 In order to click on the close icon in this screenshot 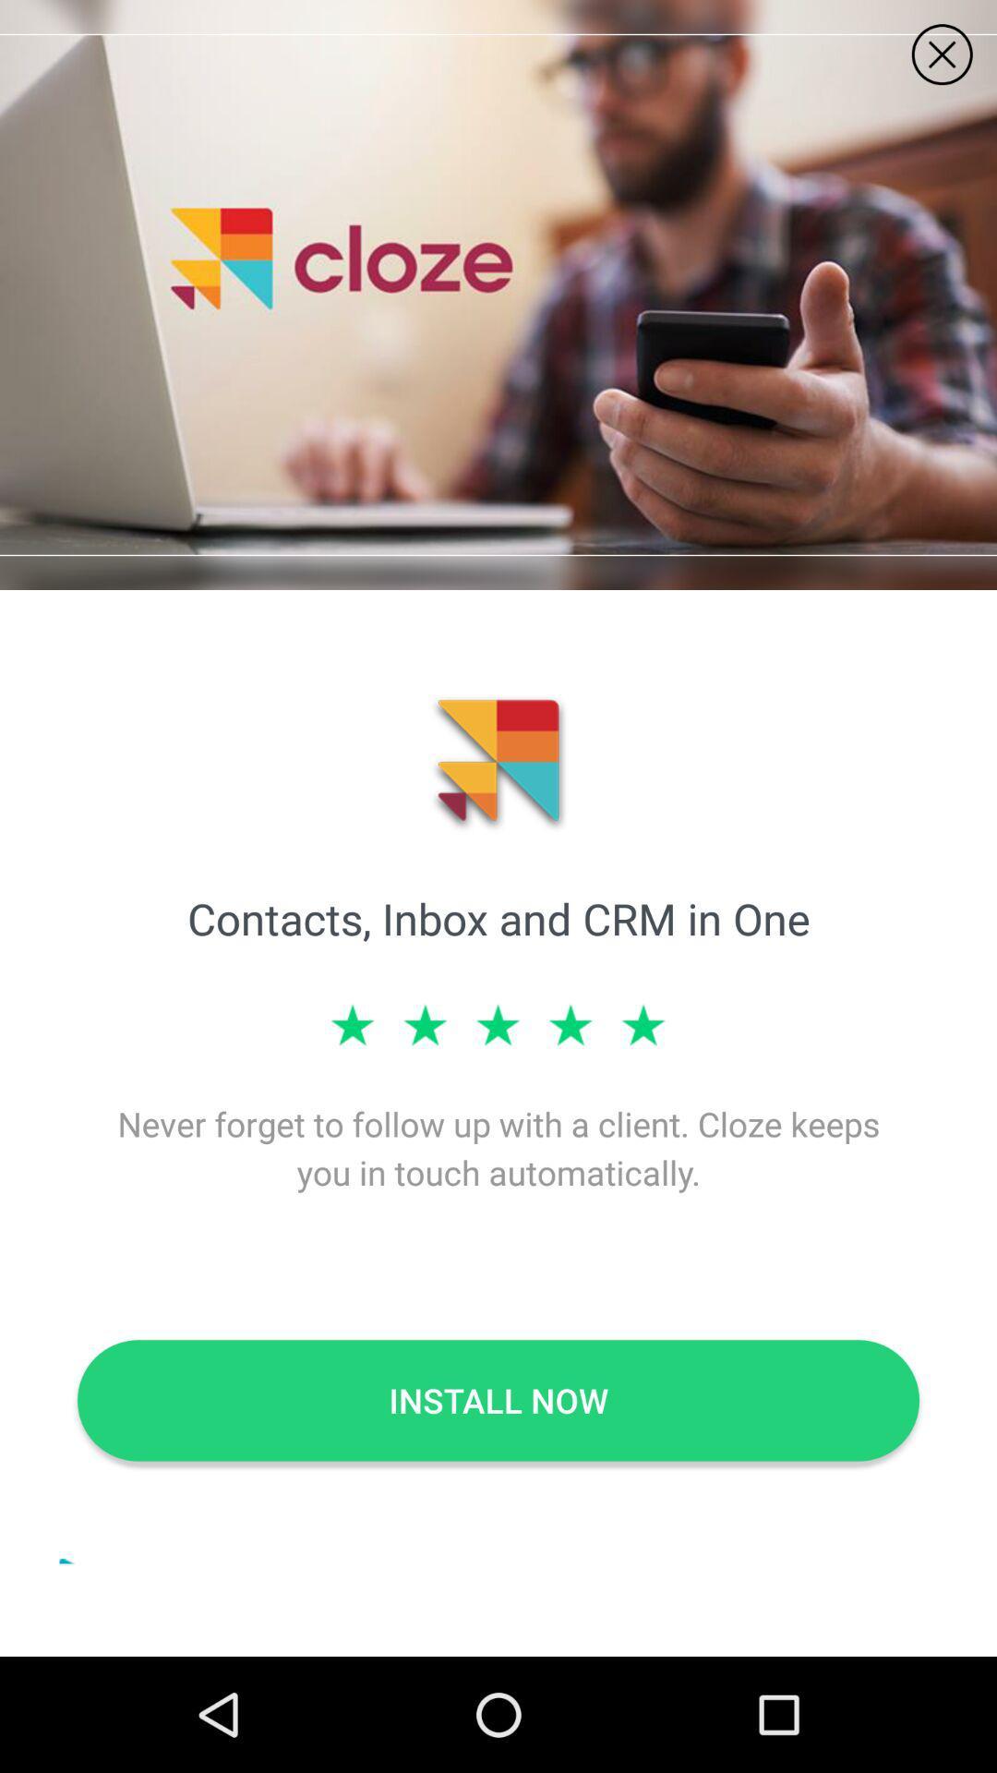, I will do `click(942, 54)`.